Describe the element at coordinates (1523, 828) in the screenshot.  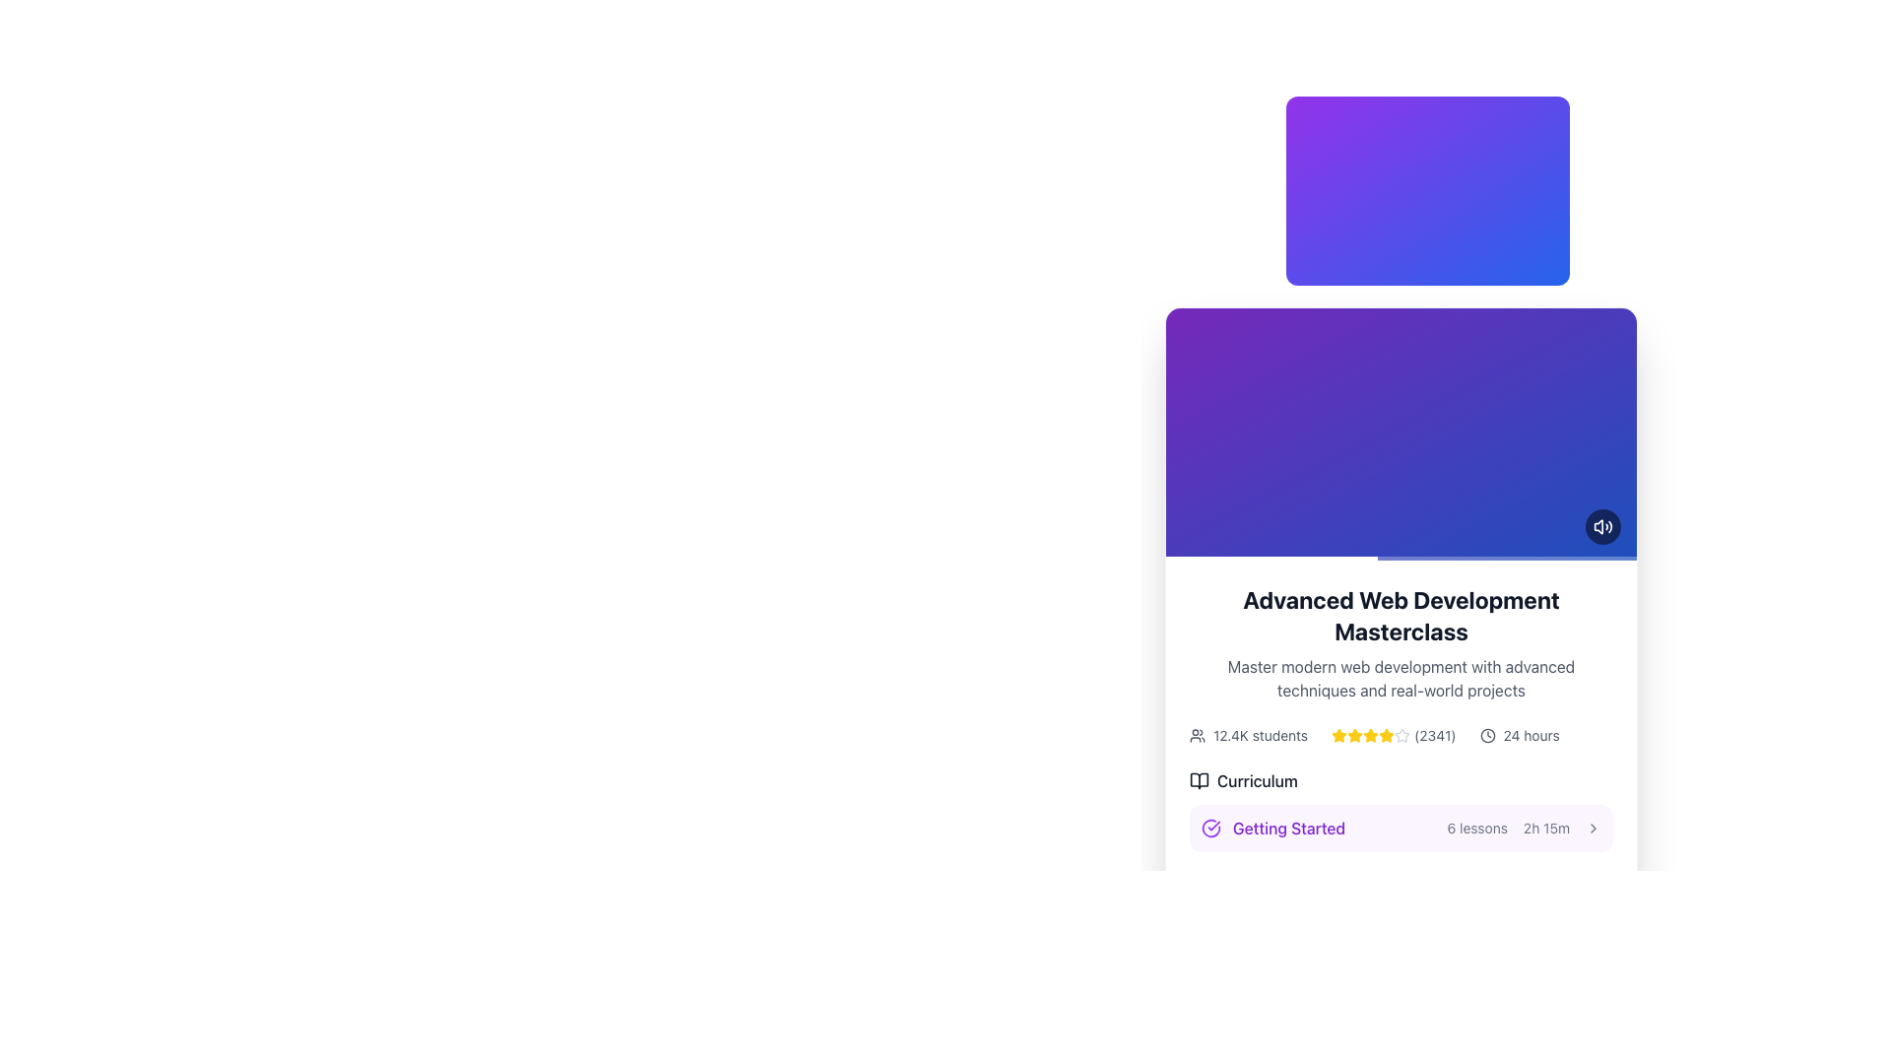
I see `the Text information display summarizing the 'Getting Started' section, which details the number of lessons and total duration, located to the right of the purple box labeled 'Getting Started'` at that location.